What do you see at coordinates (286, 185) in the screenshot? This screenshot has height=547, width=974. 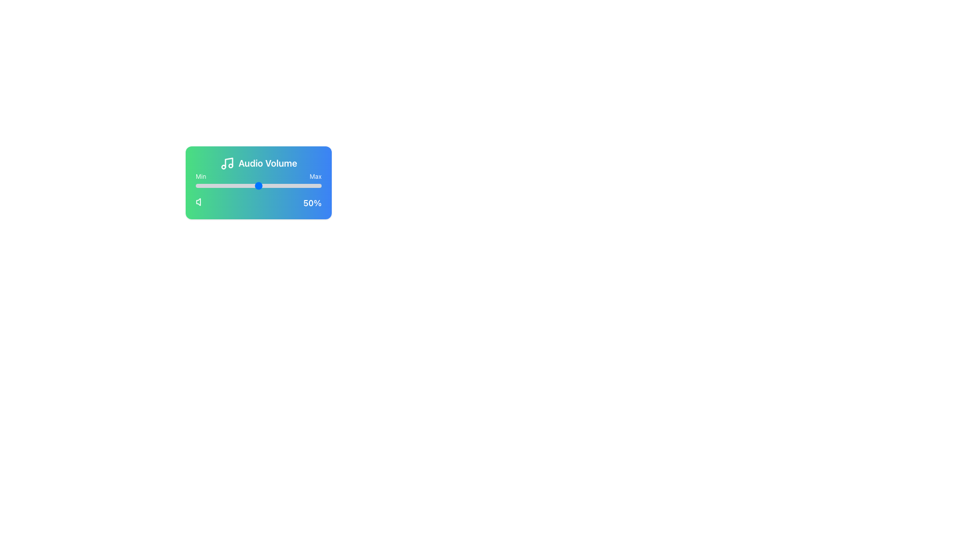 I see `the slider` at bounding box center [286, 185].